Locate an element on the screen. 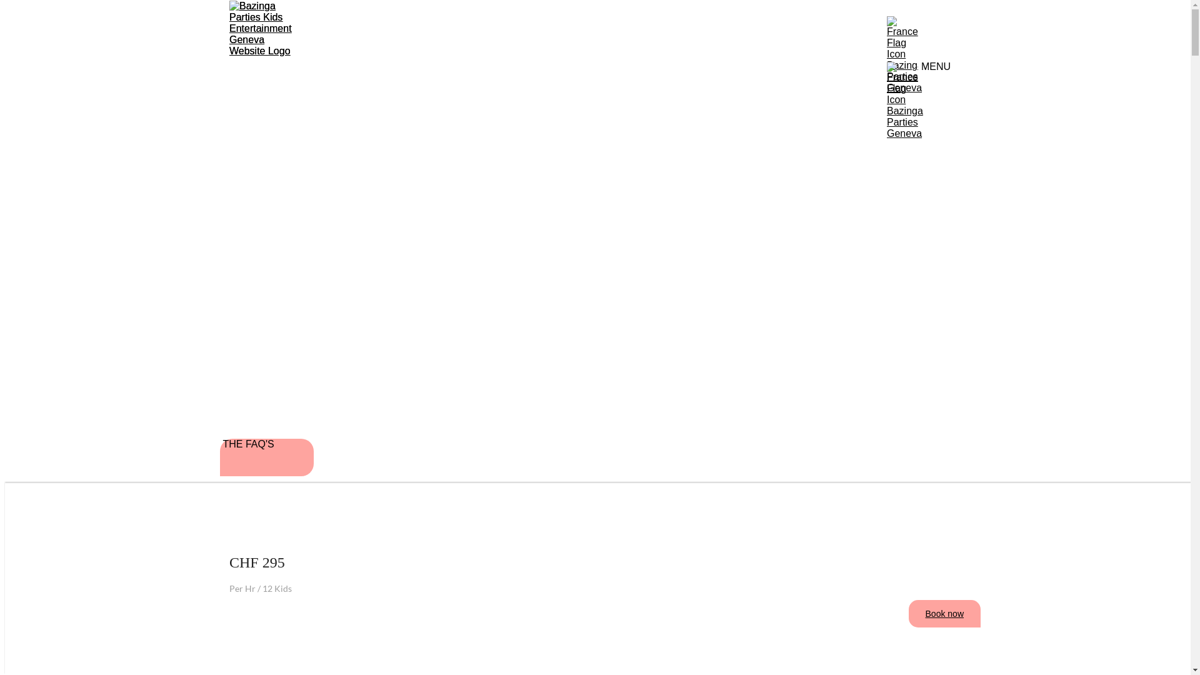 The width and height of the screenshot is (1200, 675). 'Book now' is located at coordinates (909, 613).